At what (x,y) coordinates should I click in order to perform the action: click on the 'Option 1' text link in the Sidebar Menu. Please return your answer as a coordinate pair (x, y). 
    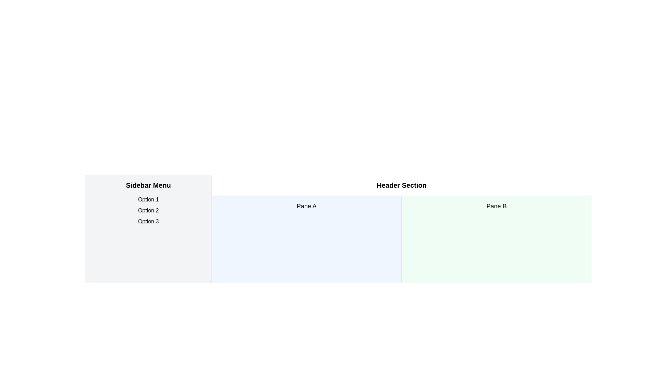
    Looking at the image, I should click on (148, 199).